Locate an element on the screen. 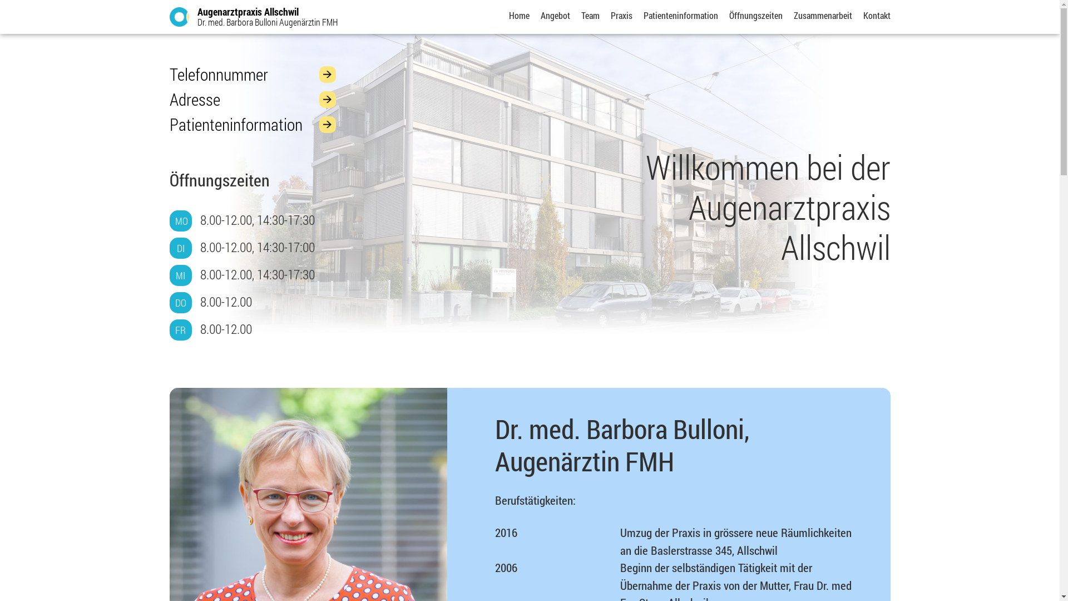  'Team' is located at coordinates (589, 15).